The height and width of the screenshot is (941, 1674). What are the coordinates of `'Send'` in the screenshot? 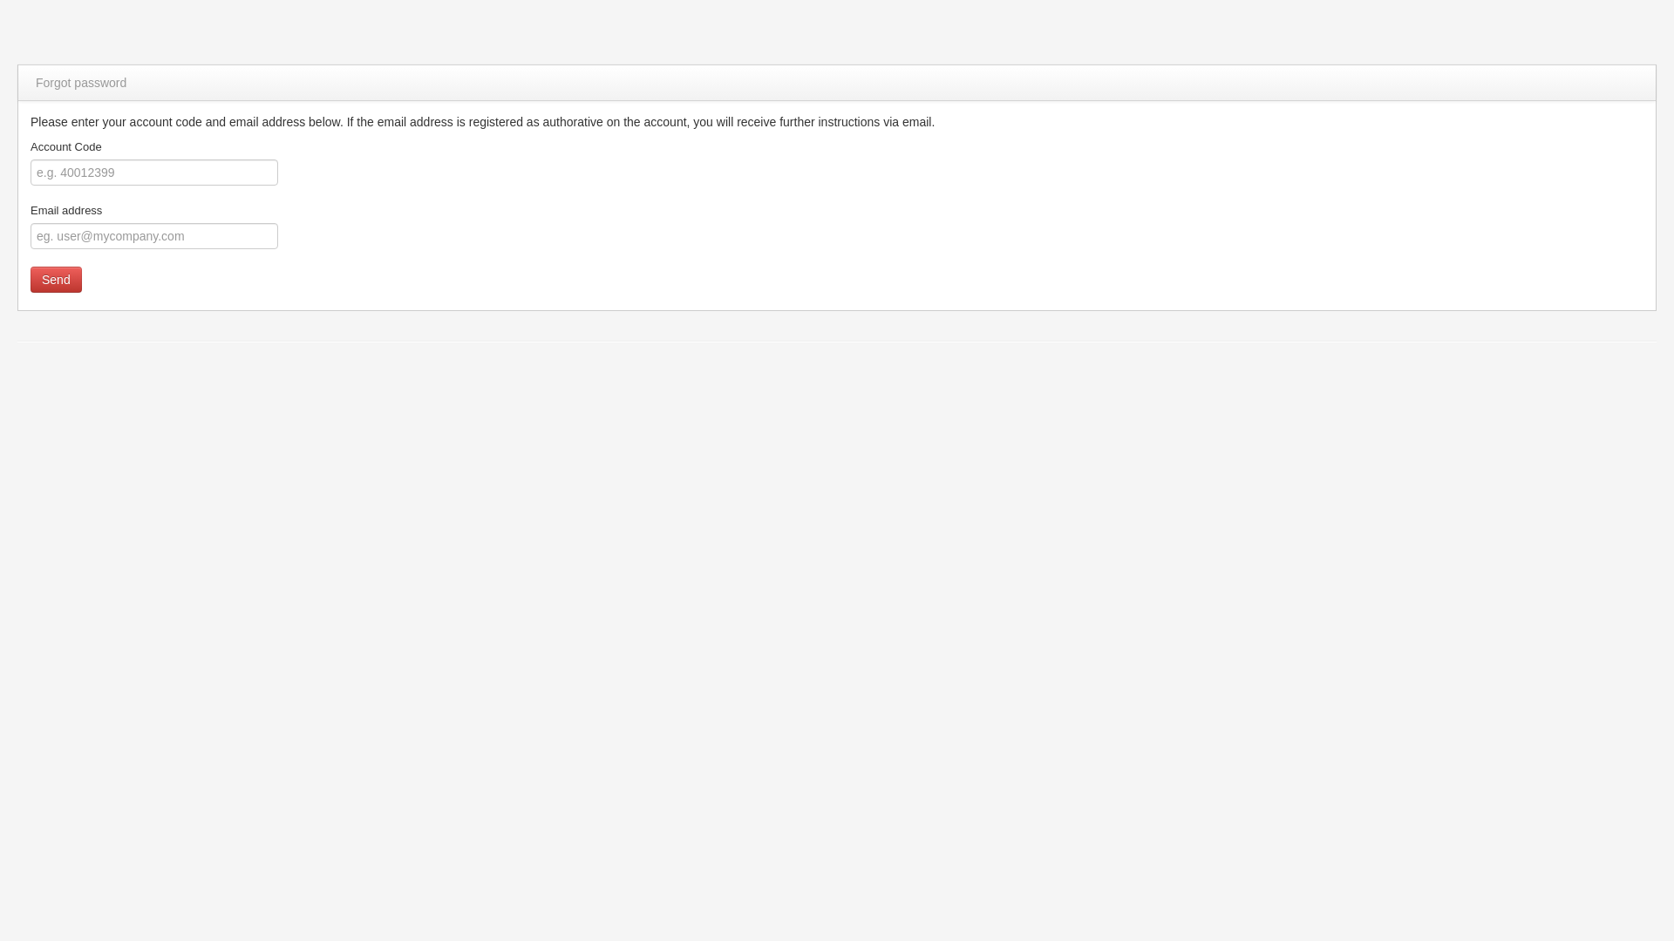 It's located at (56, 278).